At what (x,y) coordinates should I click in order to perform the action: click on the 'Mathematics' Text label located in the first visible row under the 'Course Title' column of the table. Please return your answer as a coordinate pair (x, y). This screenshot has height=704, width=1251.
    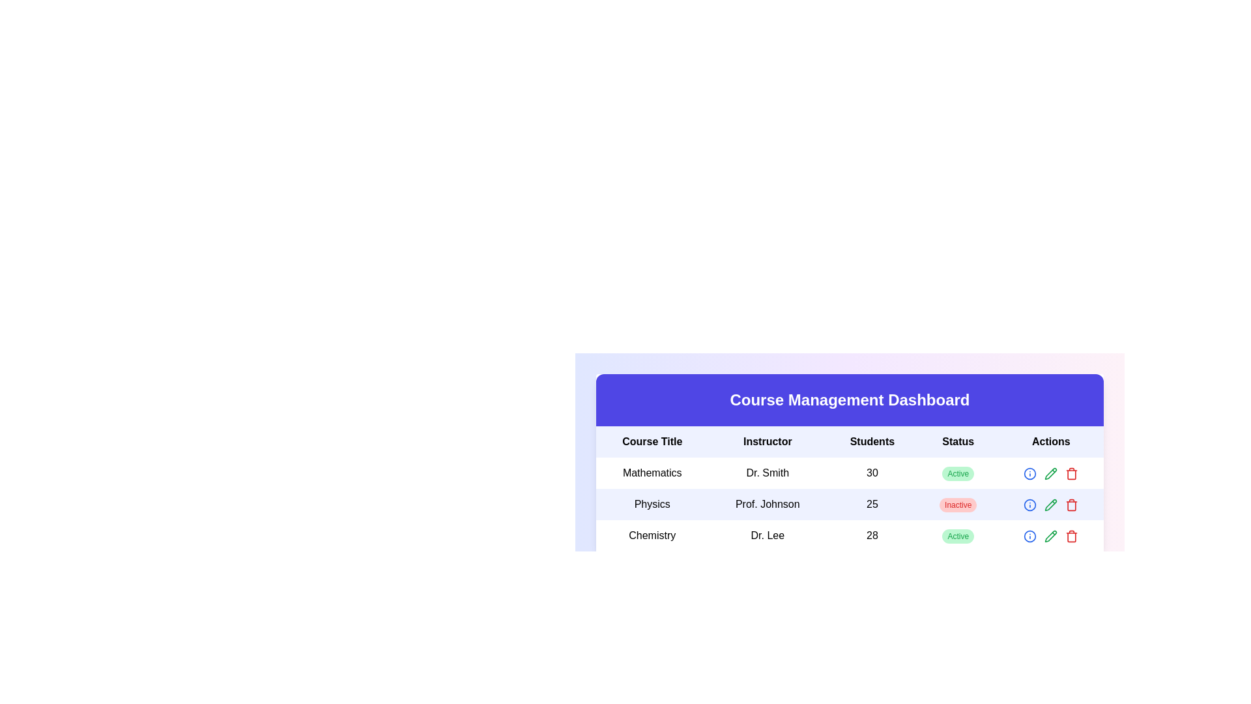
    Looking at the image, I should click on (652, 473).